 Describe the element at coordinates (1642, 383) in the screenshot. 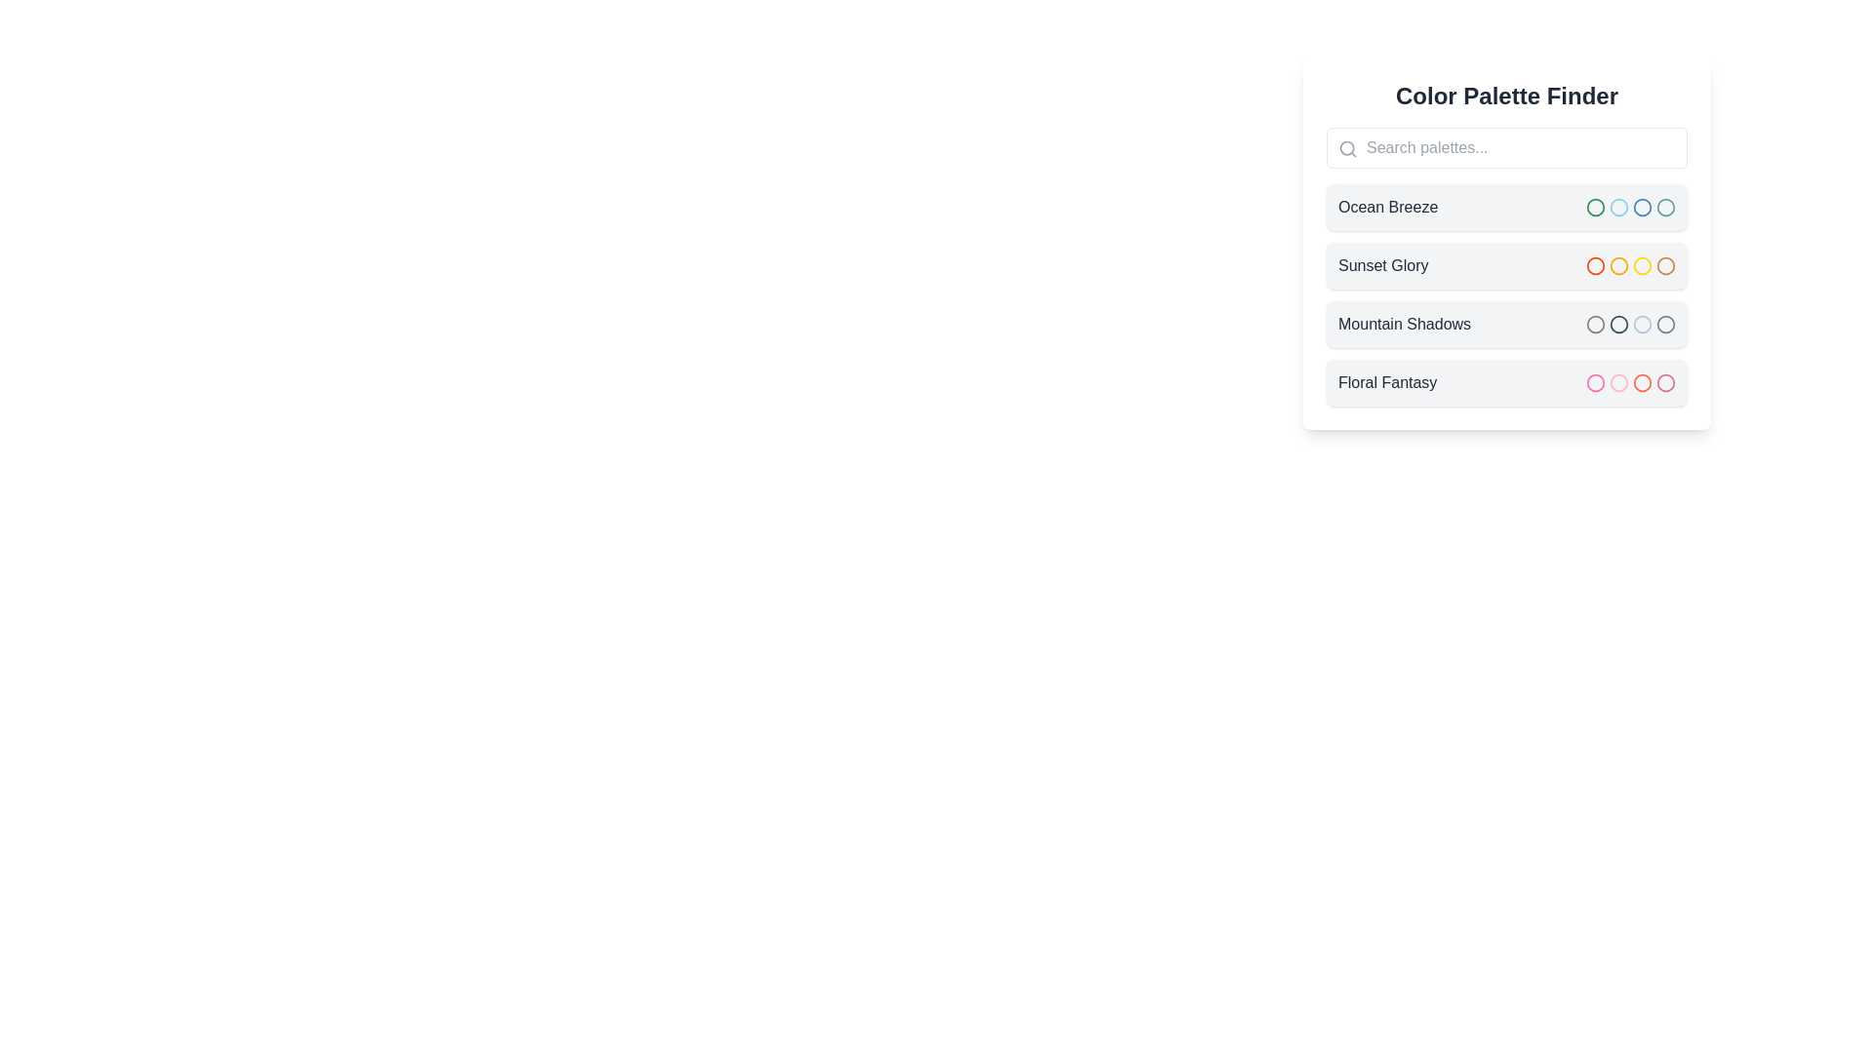

I see `the circular icon with a red border at the end of the 'Floral Fantasy' row` at that location.